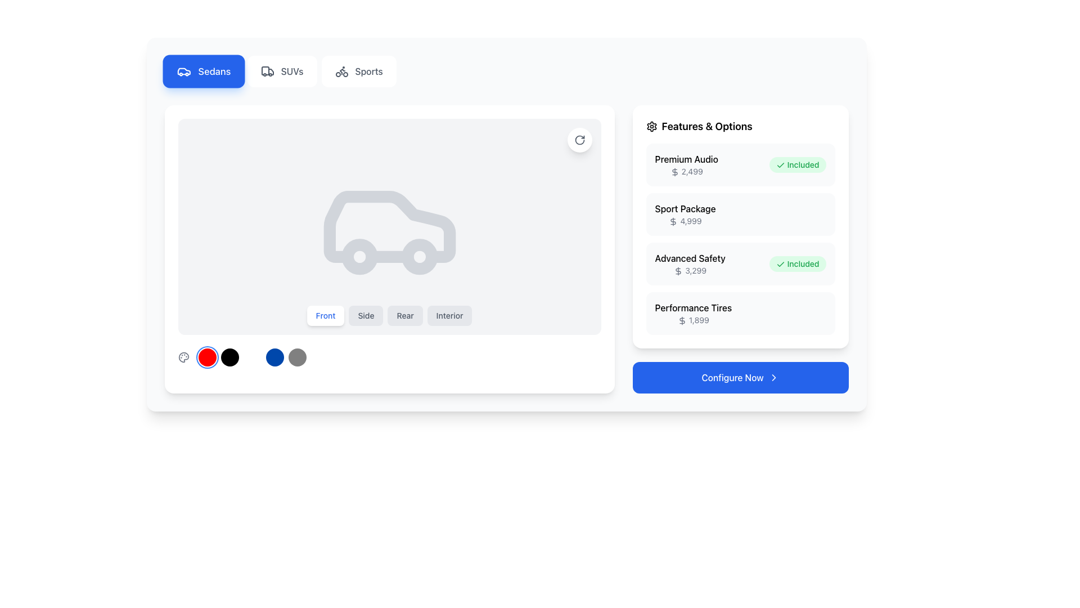 The width and height of the screenshot is (1080, 608). I want to click on the text label reading 'Advanced Safety', which is styled in a medium weight black font on a white background, located in the 'Features & Options' section as the main title of the third entry in the features list, so click(690, 258).